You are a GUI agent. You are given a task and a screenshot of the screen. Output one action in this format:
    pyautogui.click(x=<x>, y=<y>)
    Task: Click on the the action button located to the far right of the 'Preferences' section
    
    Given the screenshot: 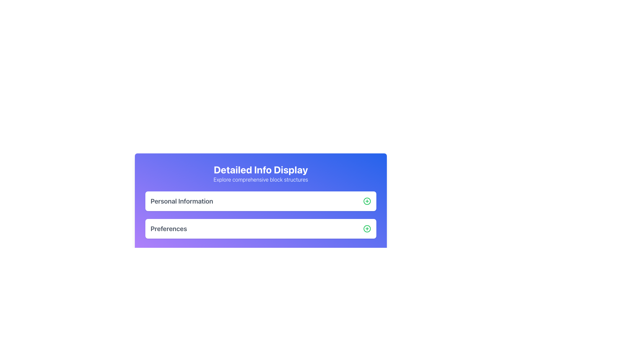 What is the action you would take?
    pyautogui.click(x=367, y=228)
    